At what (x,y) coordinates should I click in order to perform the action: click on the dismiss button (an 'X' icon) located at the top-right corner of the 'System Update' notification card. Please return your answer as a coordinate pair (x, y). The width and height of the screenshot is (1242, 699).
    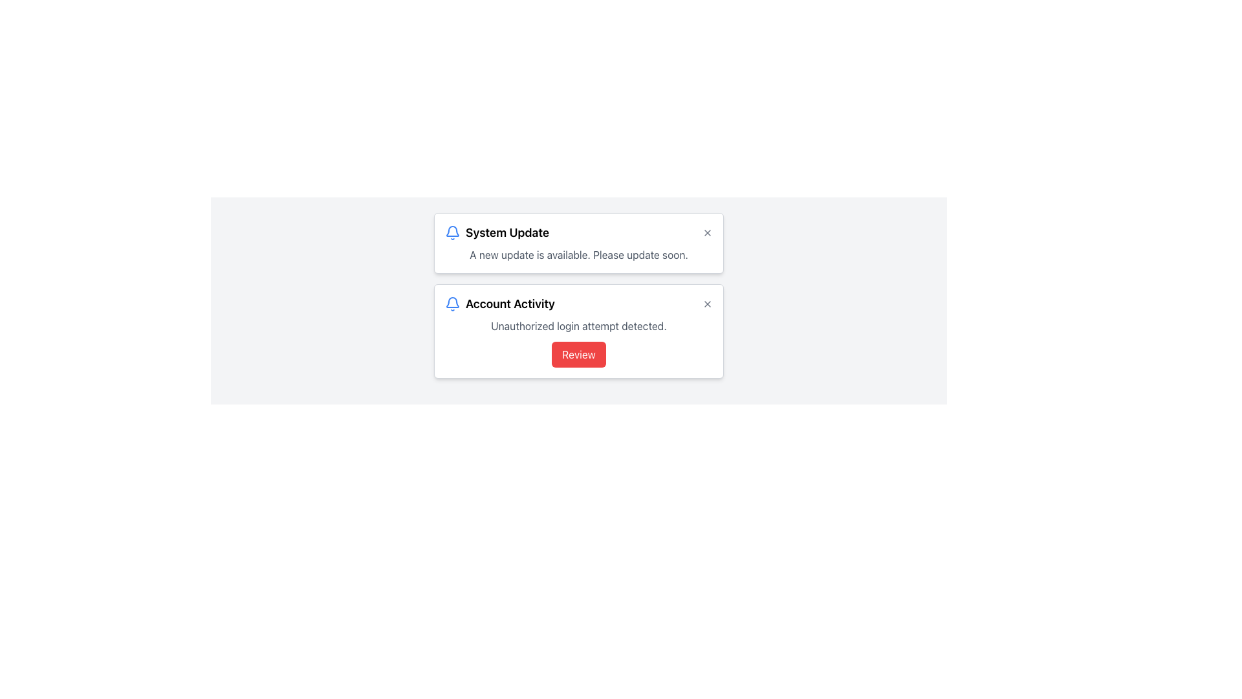
    Looking at the image, I should click on (707, 232).